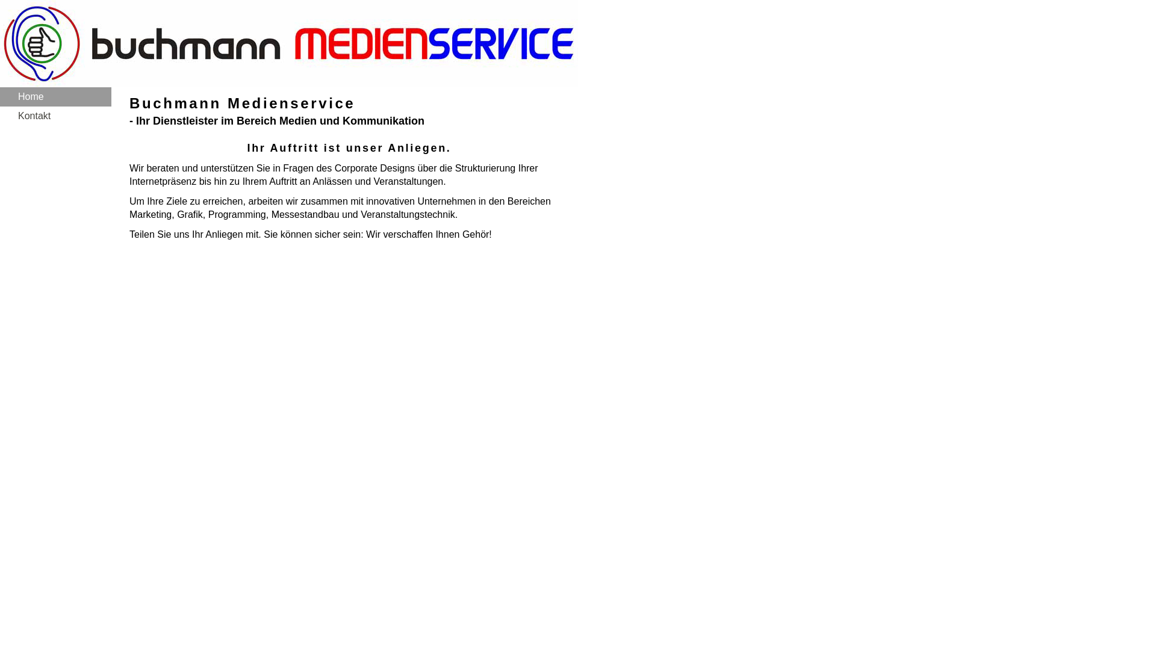 The image size is (1156, 650). I want to click on 'Kontakt', so click(55, 116).